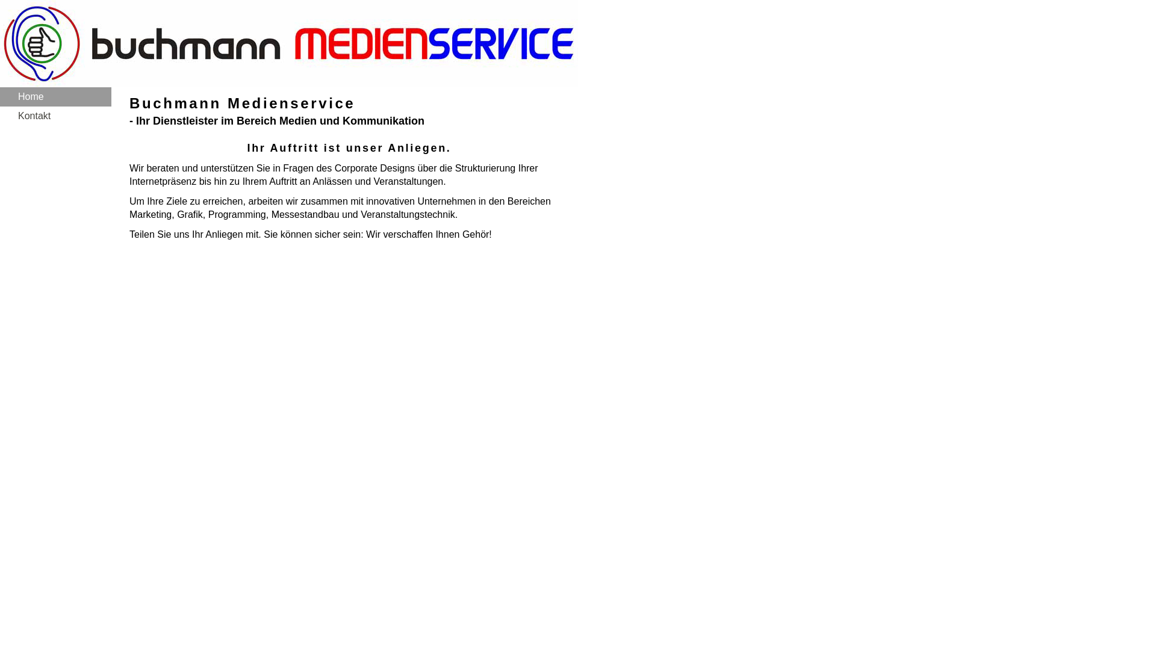 The image size is (1156, 650). I want to click on 'Kontakt', so click(55, 116).